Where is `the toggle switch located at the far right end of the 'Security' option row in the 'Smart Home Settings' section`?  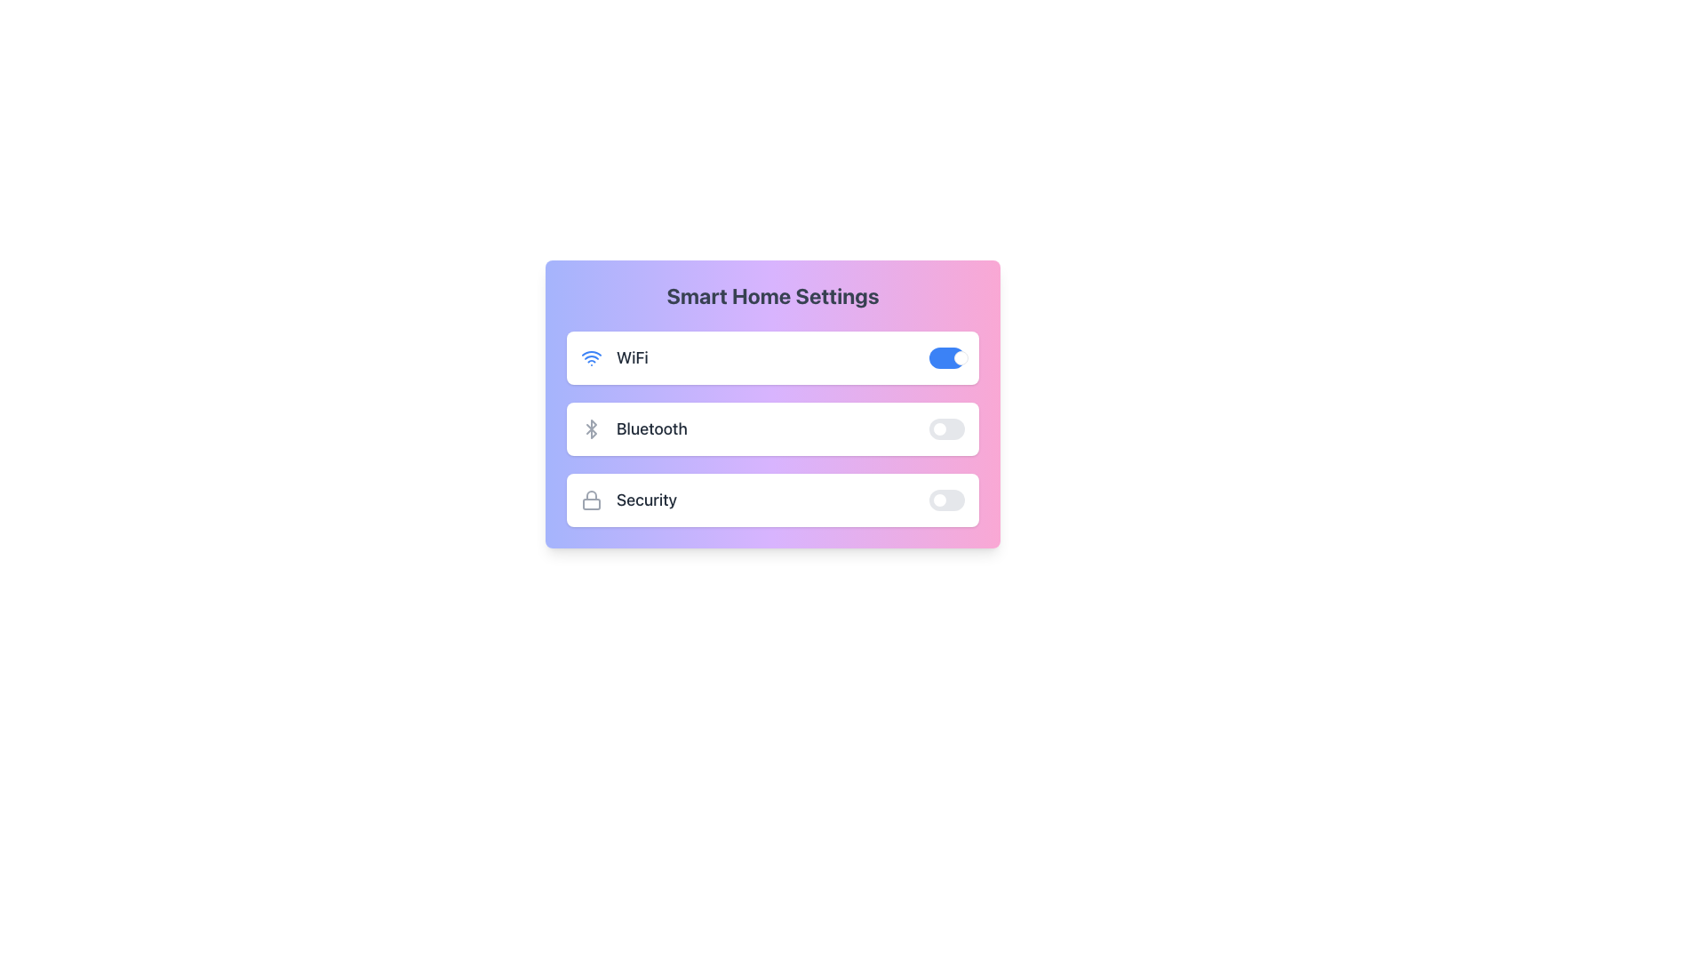
the toggle switch located at the far right end of the 'Security' option row in the 'Smart Home Settings' section is located at coordinates (945, 500).